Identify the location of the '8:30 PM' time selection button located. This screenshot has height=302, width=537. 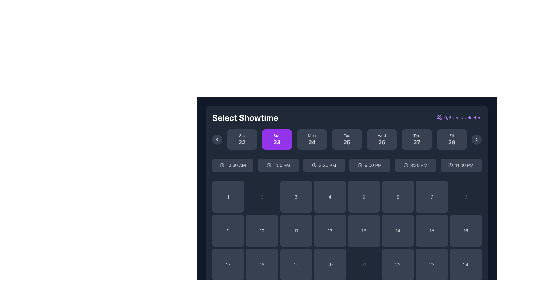
(419, 165).